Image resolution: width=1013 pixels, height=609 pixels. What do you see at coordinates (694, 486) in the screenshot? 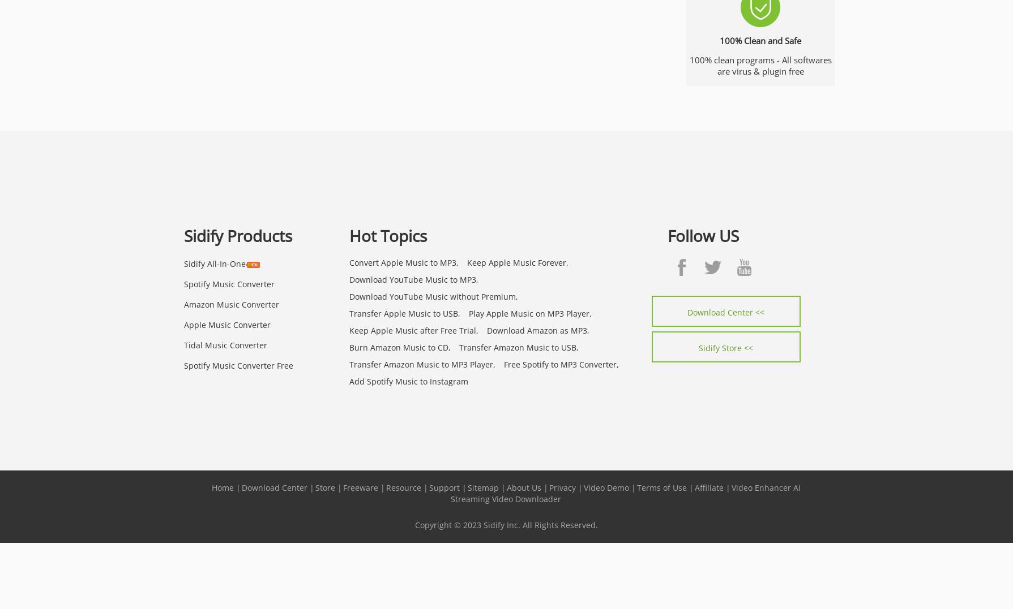
I see `'Affiliate'` at bounding box center [694, 486].